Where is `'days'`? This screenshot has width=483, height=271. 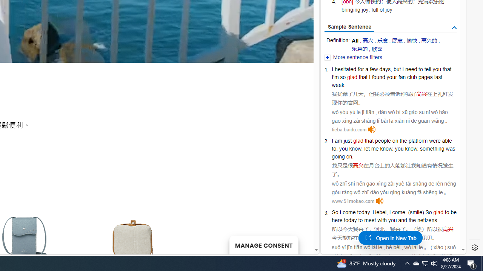
'days' is located at coordinates (385, 69).